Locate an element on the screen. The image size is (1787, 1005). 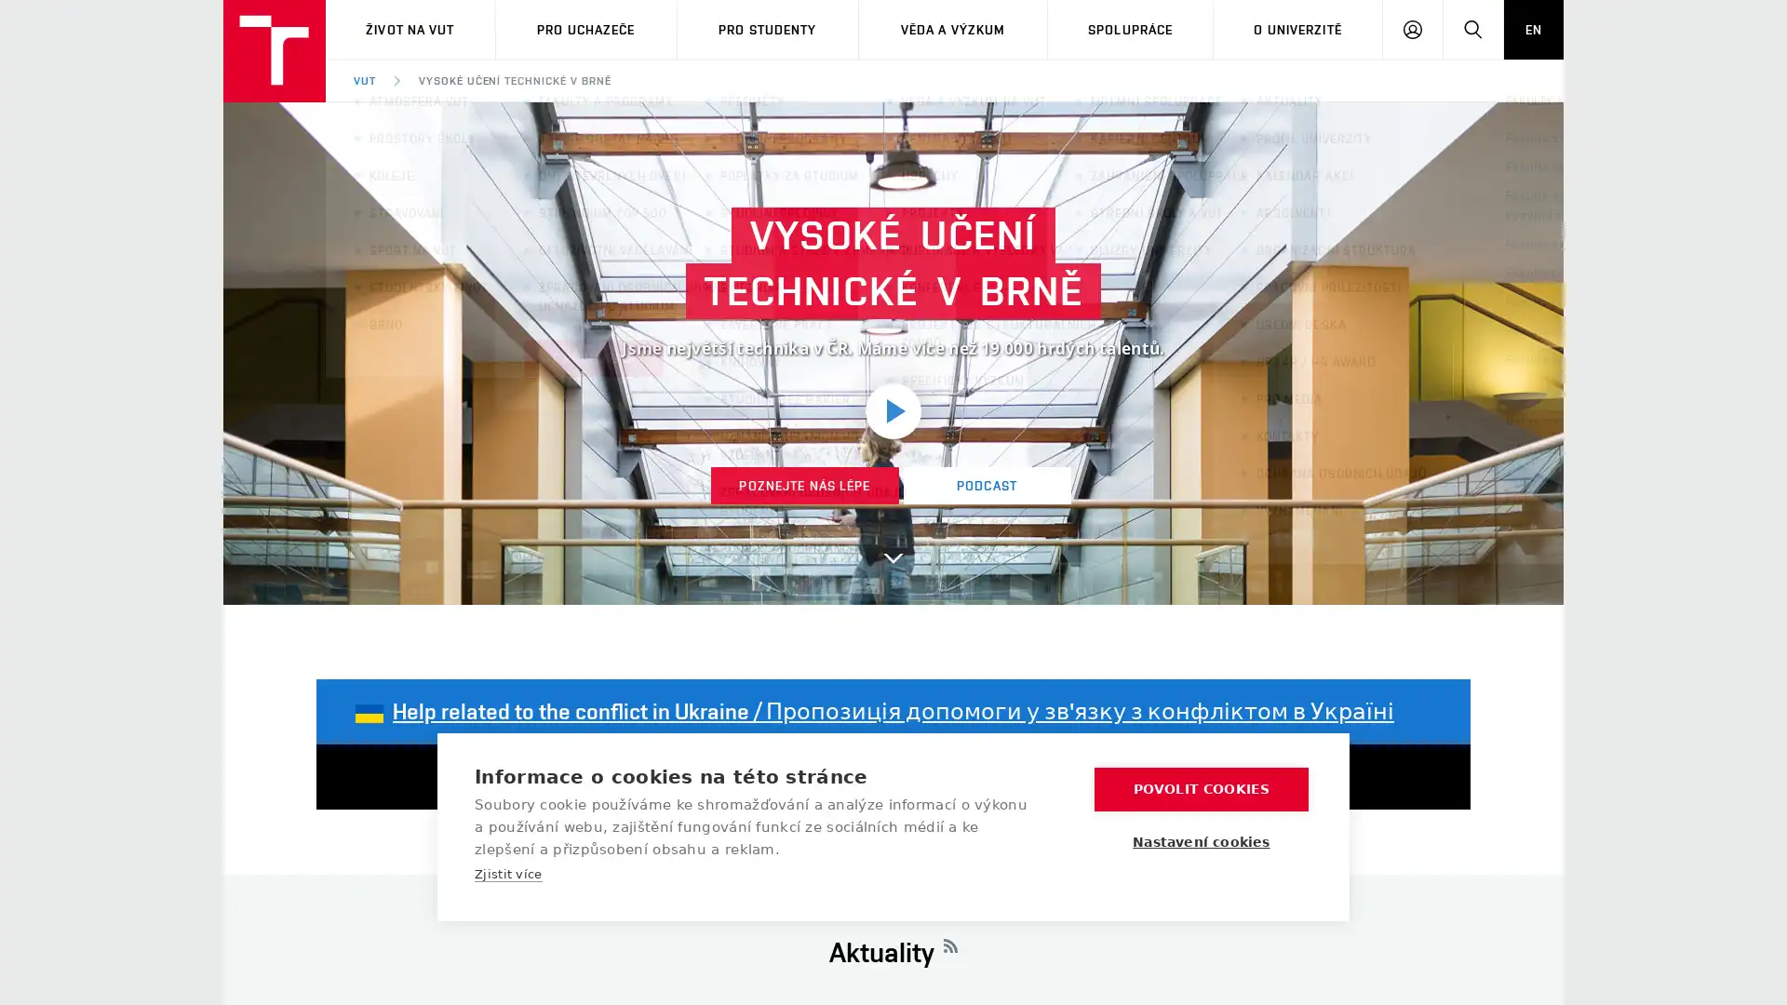
Nastaveni cookies is located at coordinates (1202, 842).